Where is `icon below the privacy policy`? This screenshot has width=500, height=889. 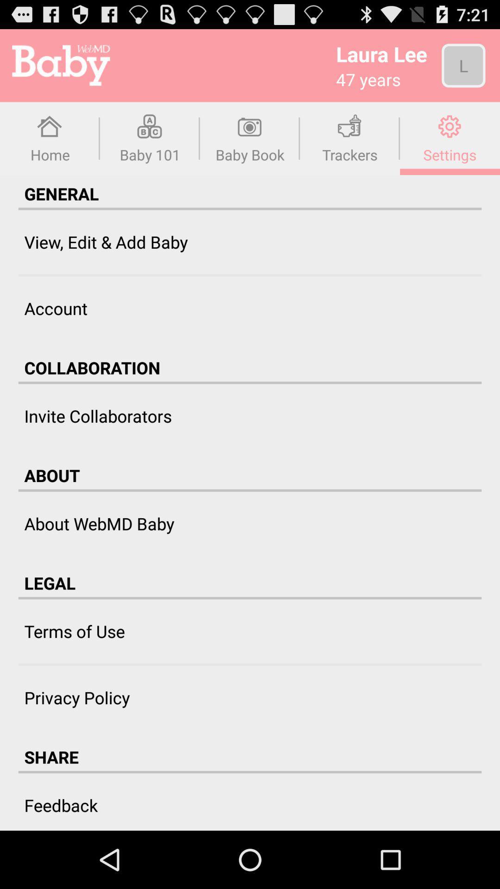
icon below the privacy policy is located at coordinates (51, 757).